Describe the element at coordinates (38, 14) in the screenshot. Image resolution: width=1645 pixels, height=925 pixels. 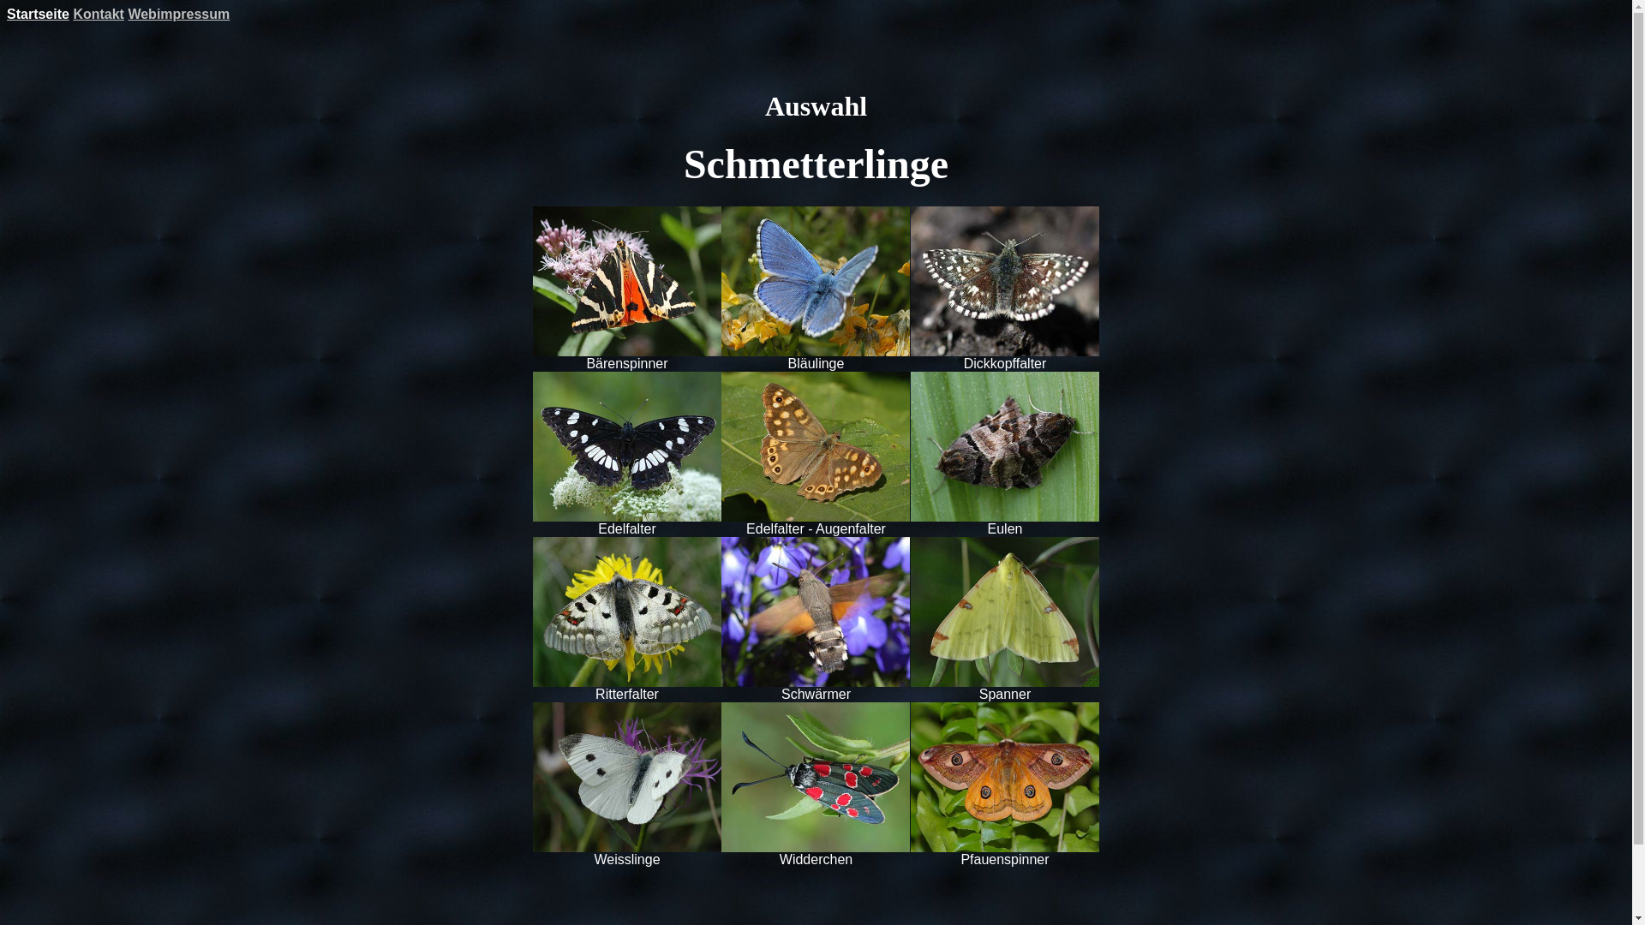
I see `'Startseite'` at that location.